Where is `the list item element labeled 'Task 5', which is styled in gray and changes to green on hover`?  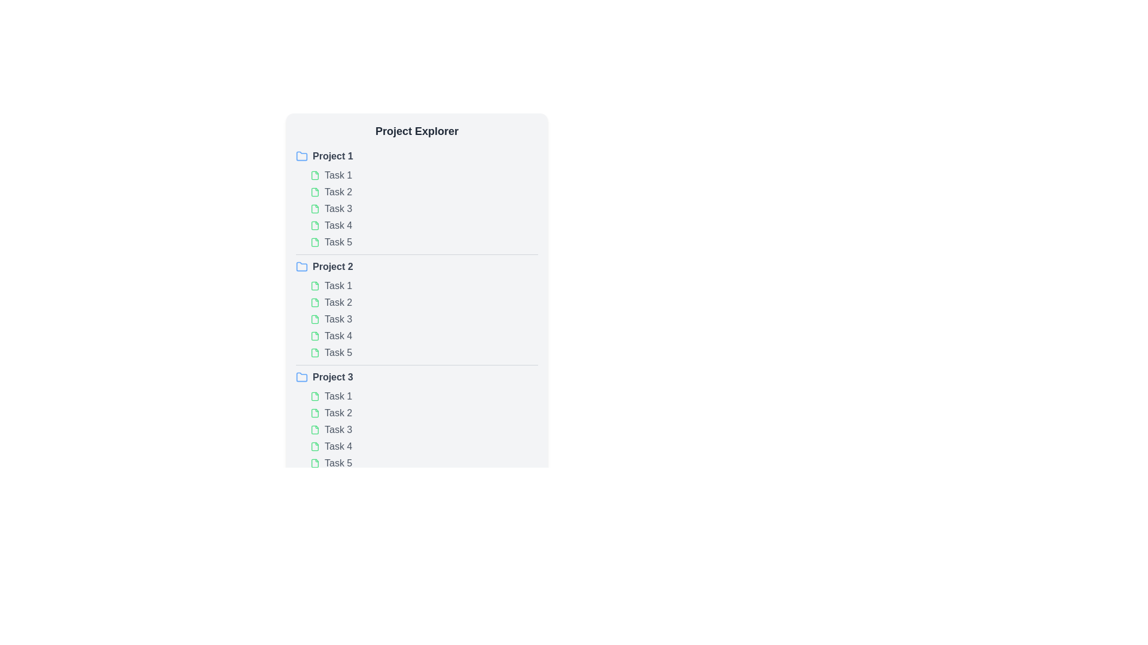 the list item element labeled 'Task 5', which is styled in gray and changes to green on hover is located at coordinates (424, 352).